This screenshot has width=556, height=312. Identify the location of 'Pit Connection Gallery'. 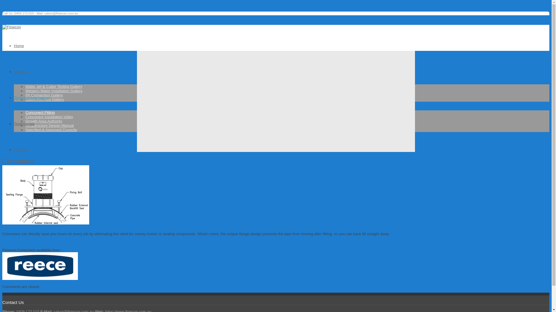
(44, 95).